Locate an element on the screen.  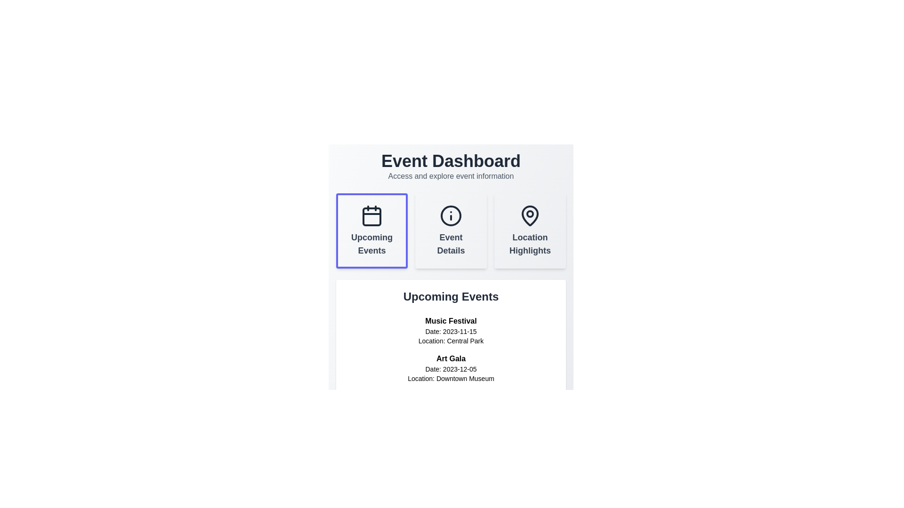
the geographical location icon situated at the top-center of the 'Location Highlights' card is located at coordinates (530, 216).